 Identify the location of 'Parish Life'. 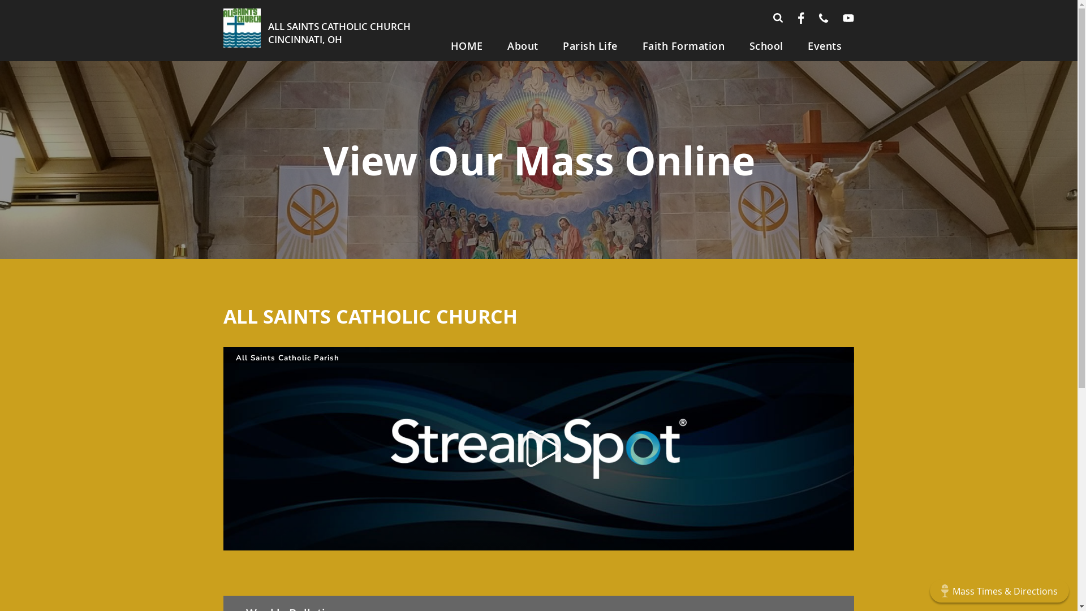
(589, 45).